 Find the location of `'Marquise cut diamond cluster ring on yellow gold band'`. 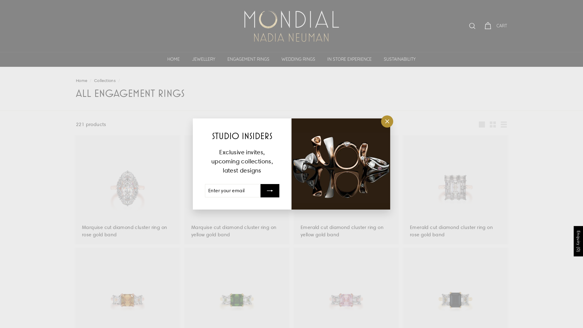

'Marquise cut diamond cluster ring on yellow gold band' is located at coordinates (236, 189).